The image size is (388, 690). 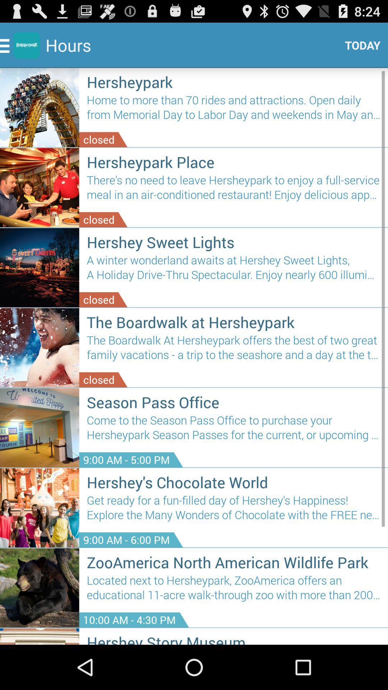 I want to click on the icon at the top right corner, so click(x=360, y=45).